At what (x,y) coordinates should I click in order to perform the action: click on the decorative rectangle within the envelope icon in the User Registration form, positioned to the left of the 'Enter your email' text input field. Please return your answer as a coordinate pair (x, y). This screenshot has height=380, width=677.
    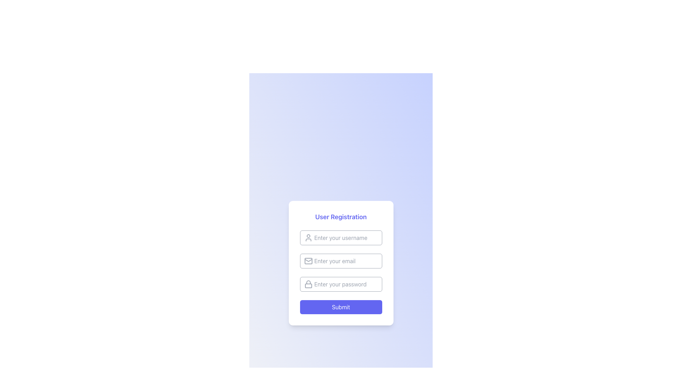
    Looking at the image, I should click on (308, 261).